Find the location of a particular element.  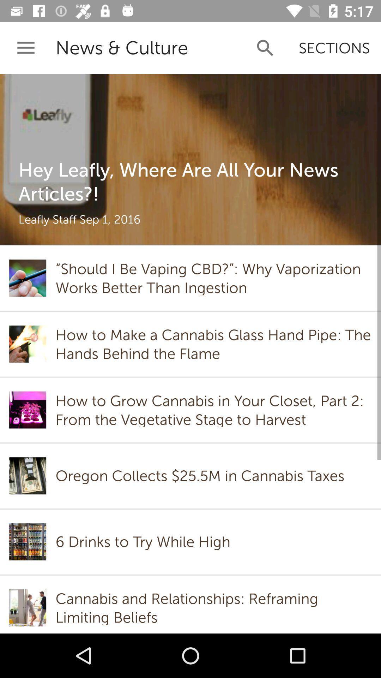

the icon above 6 drinks to is located at coordinates (202, 476).